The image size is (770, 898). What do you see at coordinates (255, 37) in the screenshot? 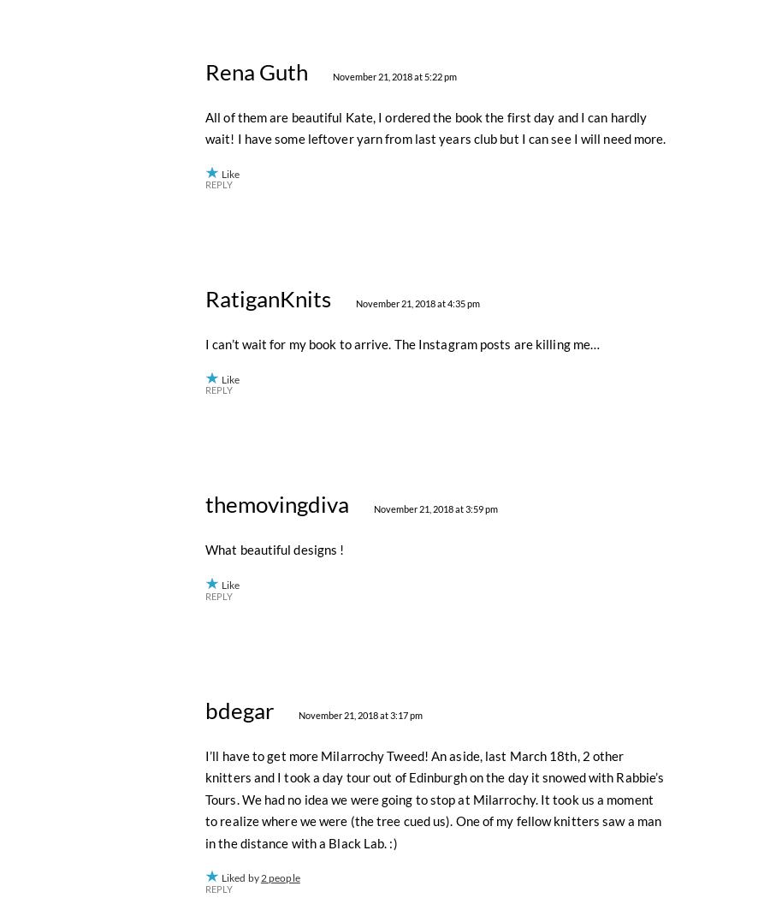
I see `'Susan'` at bounding box center [255, 37].